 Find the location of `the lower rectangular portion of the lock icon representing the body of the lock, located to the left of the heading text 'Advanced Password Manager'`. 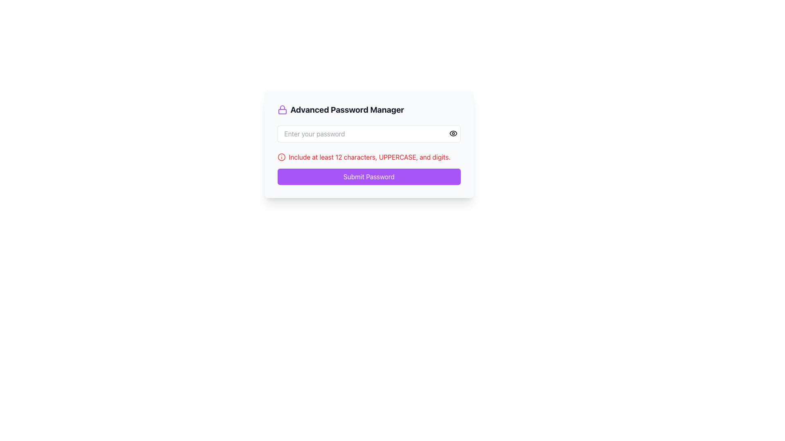

the lower rectangular portion of the lock icon representing the body of the lock, located to the left of the heading text 'Advanced Password Manager' is located at coordinates (282, 111).